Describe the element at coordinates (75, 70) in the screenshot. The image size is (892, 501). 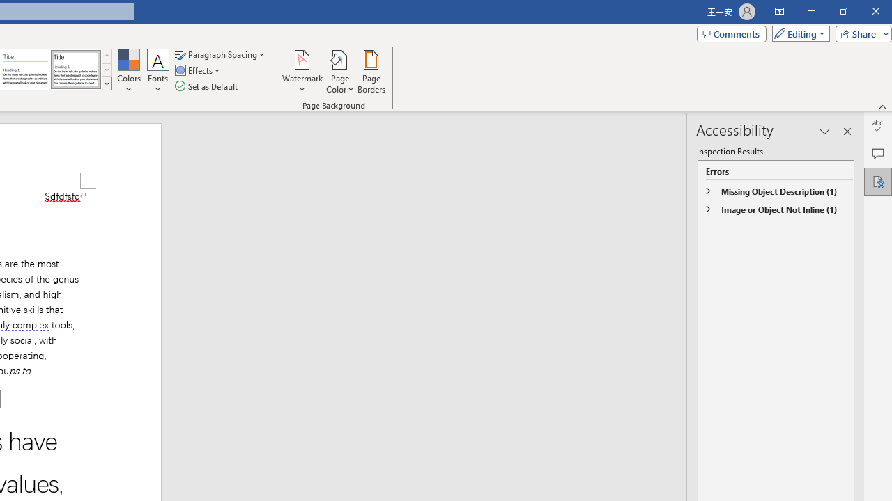
I see `'Word 2013'` at that location.